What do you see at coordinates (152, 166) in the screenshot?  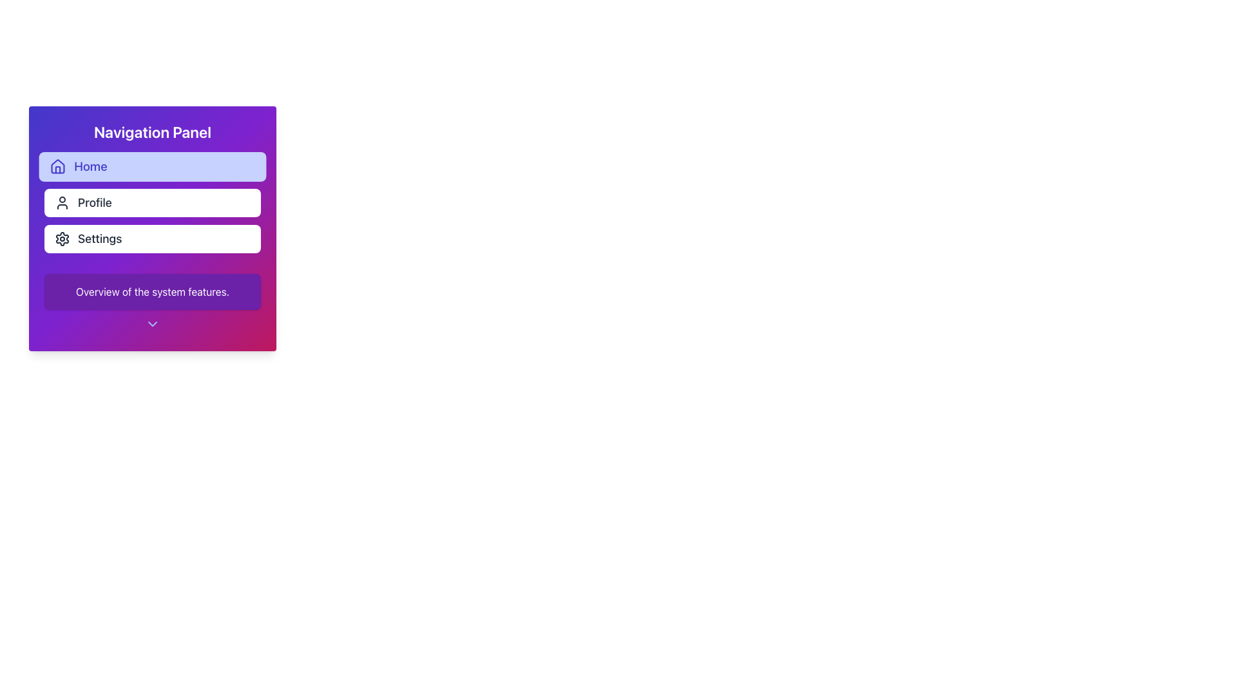 I see `the 'Home' button, which is the first button in the navigation panel` at bounding box center [152, 166].